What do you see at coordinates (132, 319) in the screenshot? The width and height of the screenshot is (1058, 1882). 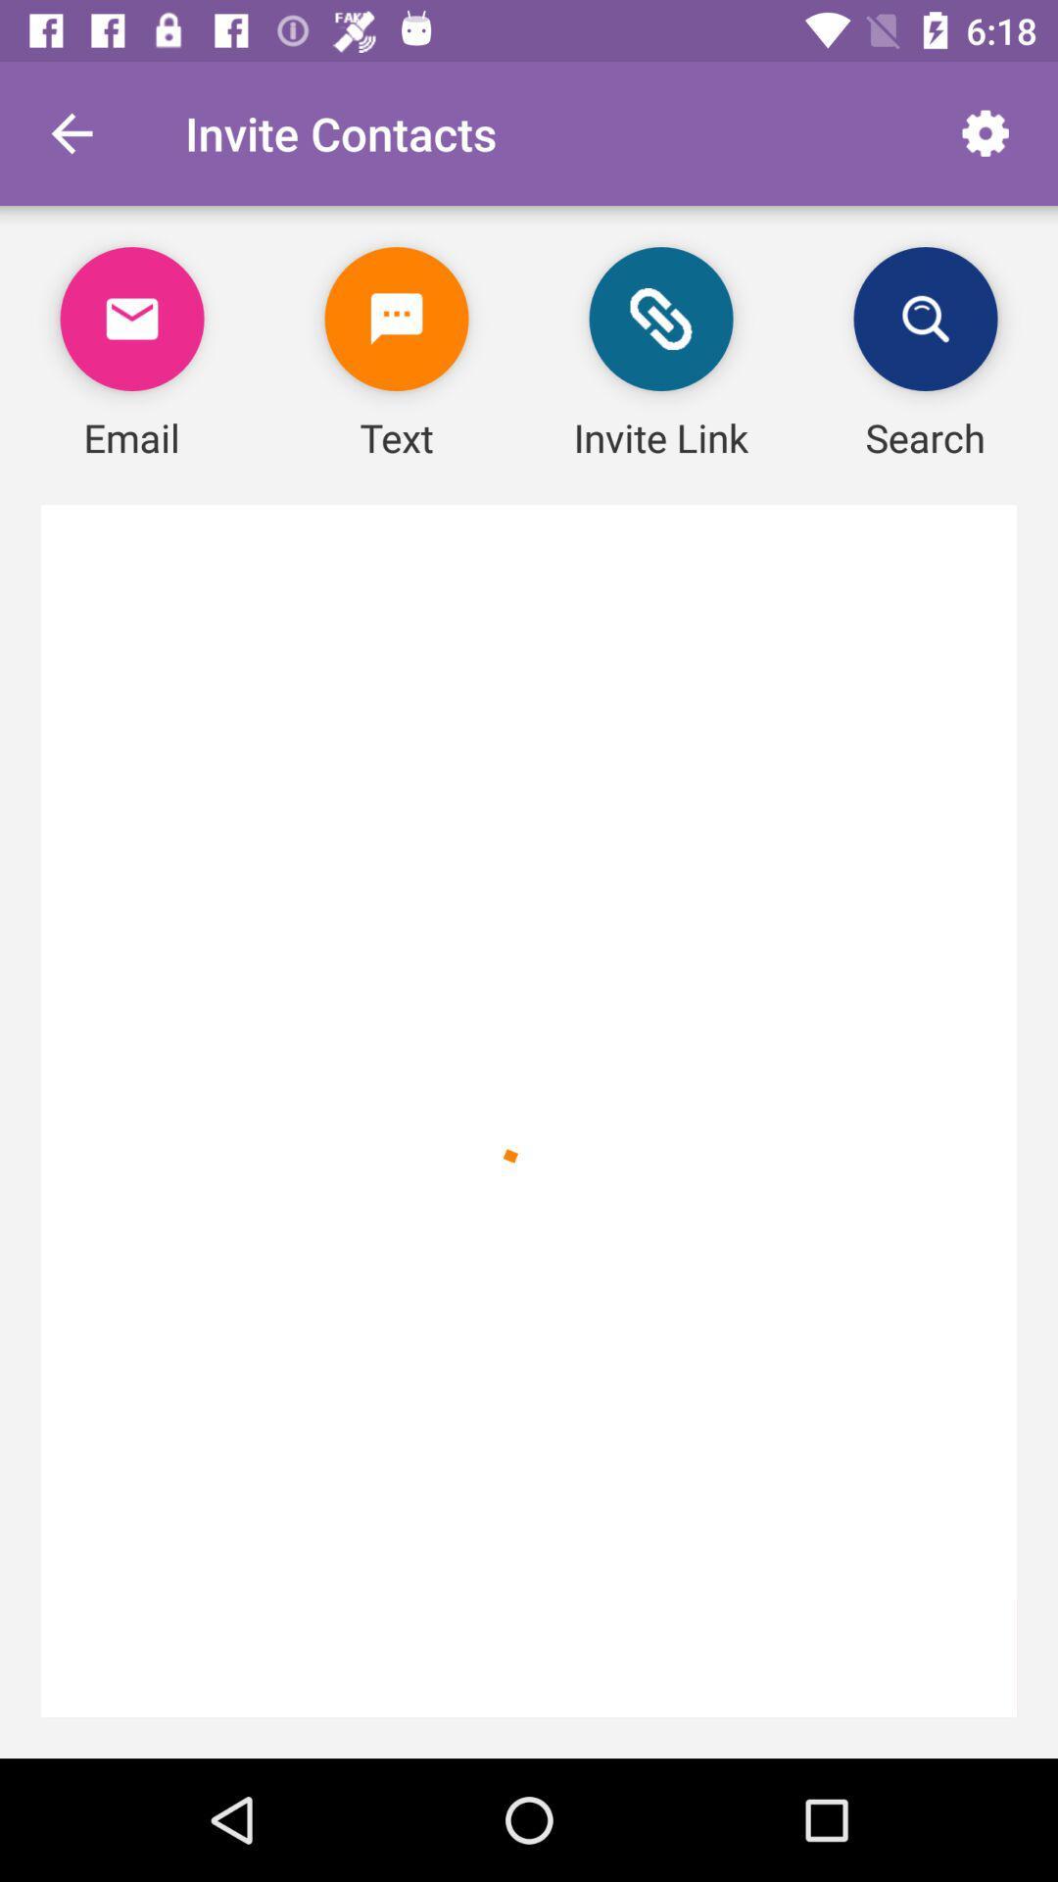 I see `the email icon` at bounding box center [132, 319].